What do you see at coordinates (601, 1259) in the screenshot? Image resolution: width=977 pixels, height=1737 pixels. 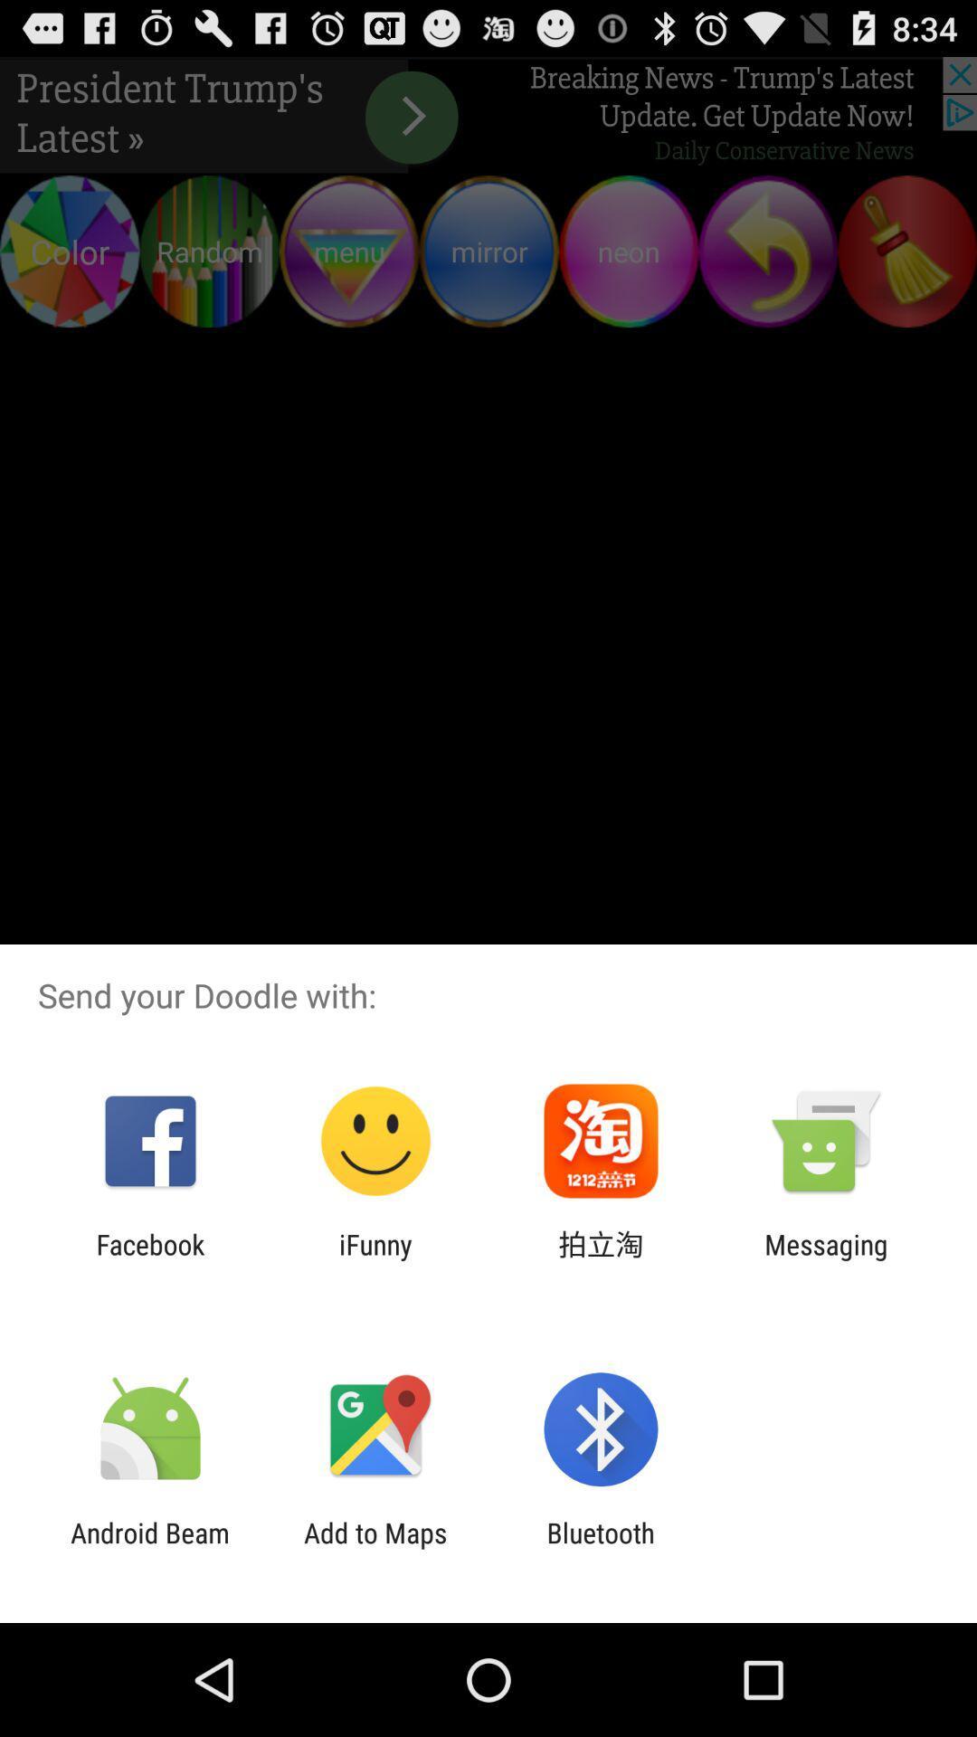 I see `the app to the right of ifunny icon` at bounding box center [601, 1259].